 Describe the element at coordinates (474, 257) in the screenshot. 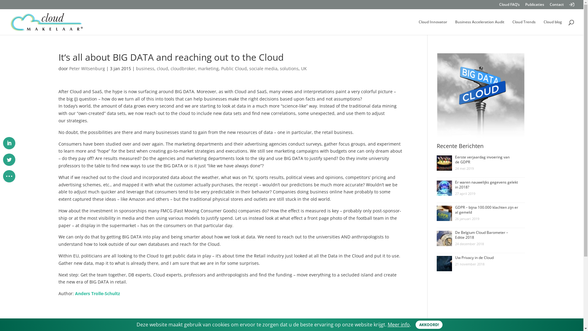

I see `'Uw Privacy in de Cloud'` at that location.